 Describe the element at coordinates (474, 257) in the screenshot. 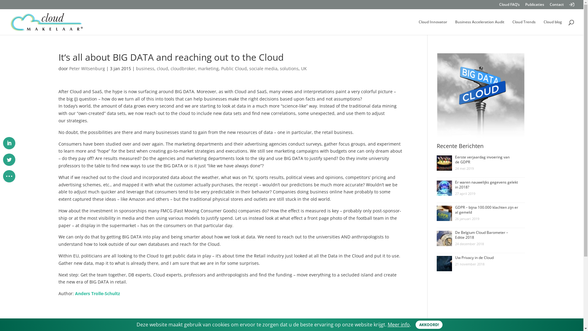

I see `'Uw Privacy in de Cloud'` at that location.